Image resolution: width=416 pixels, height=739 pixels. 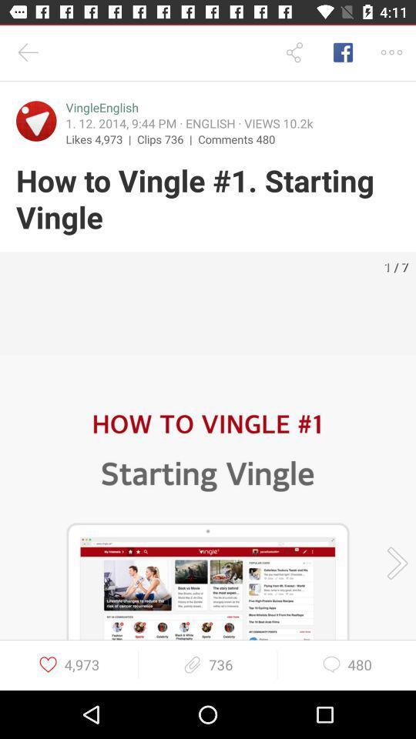 What do you see at coordinates (237, 138) in the screenshot?
I see `the comments 480 item` at bounding box center [237, 138].